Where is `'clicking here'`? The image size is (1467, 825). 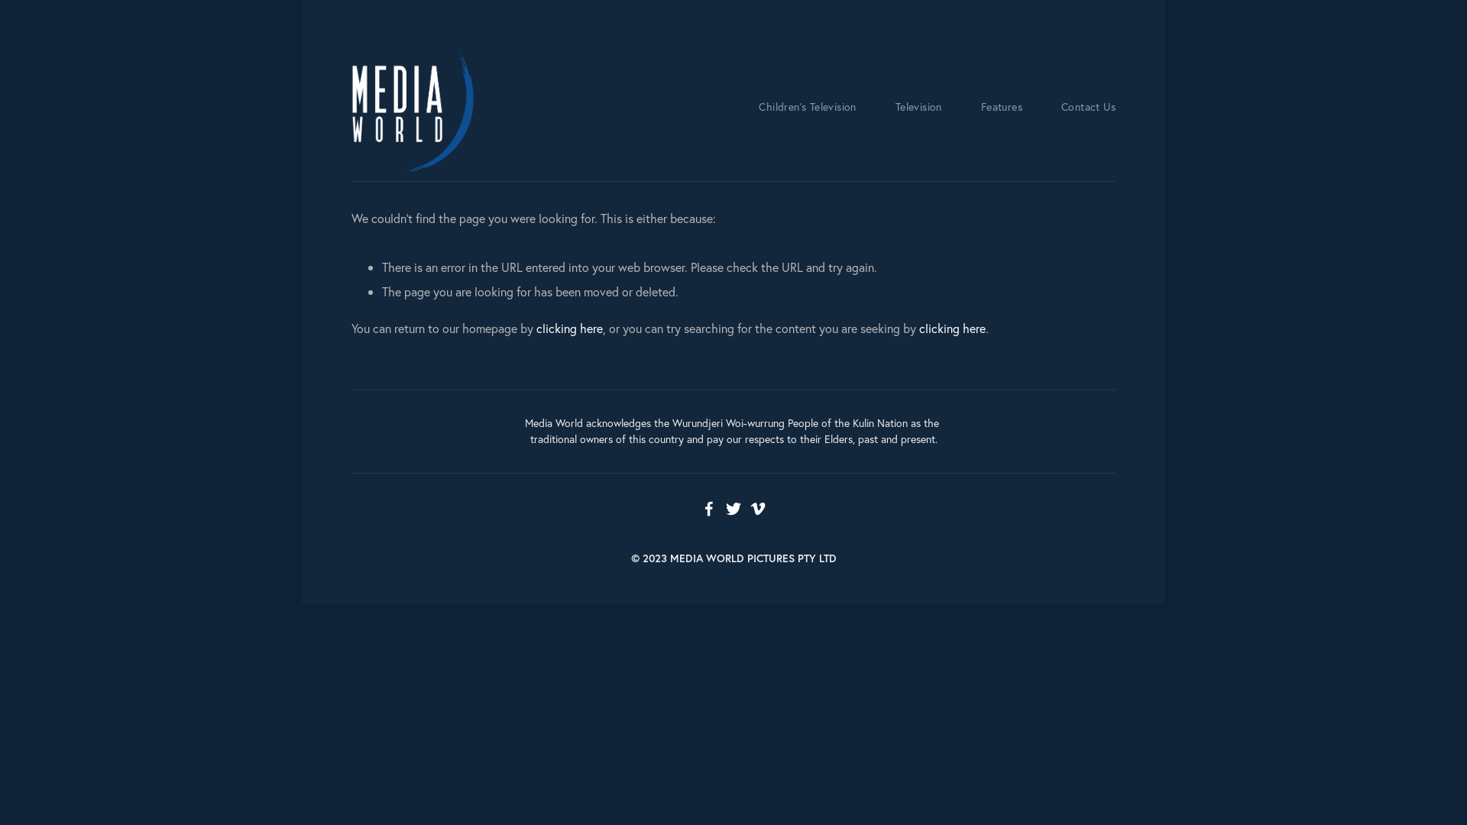
'clicking here' is located at coordinates (568, 327).